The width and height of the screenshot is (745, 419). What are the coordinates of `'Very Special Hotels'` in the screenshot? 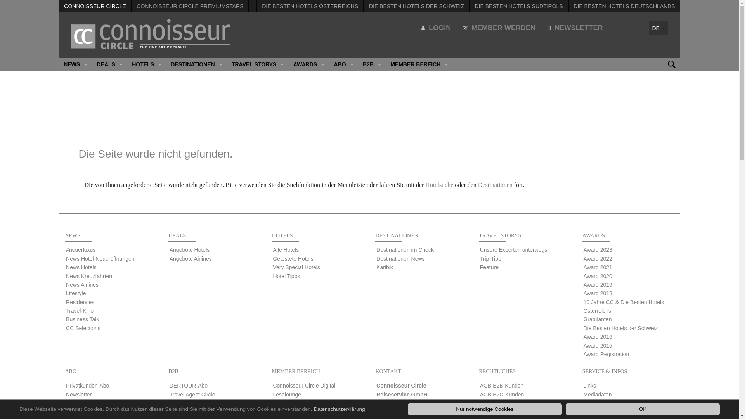 It's located at (296, 267).